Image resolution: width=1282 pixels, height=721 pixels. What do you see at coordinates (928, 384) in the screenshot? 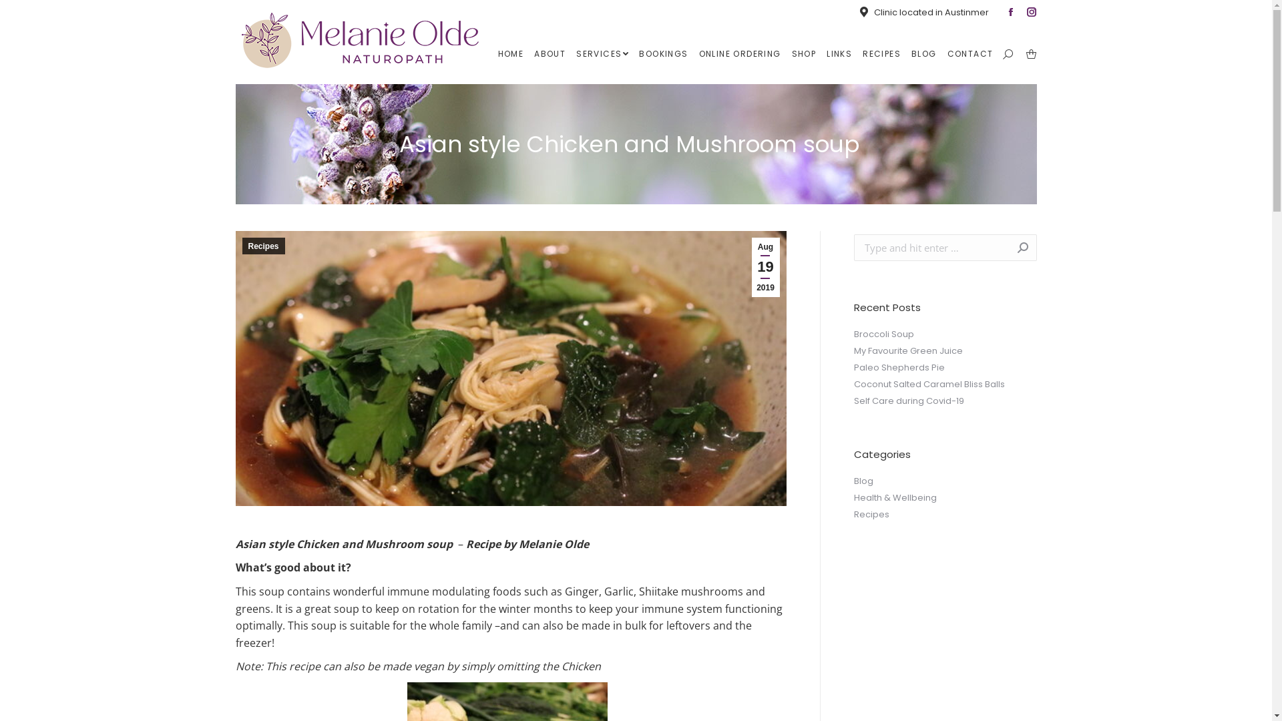
I see `'Coconut Salted Caramel Bliss Balls'` at bounding box center [928, 384].